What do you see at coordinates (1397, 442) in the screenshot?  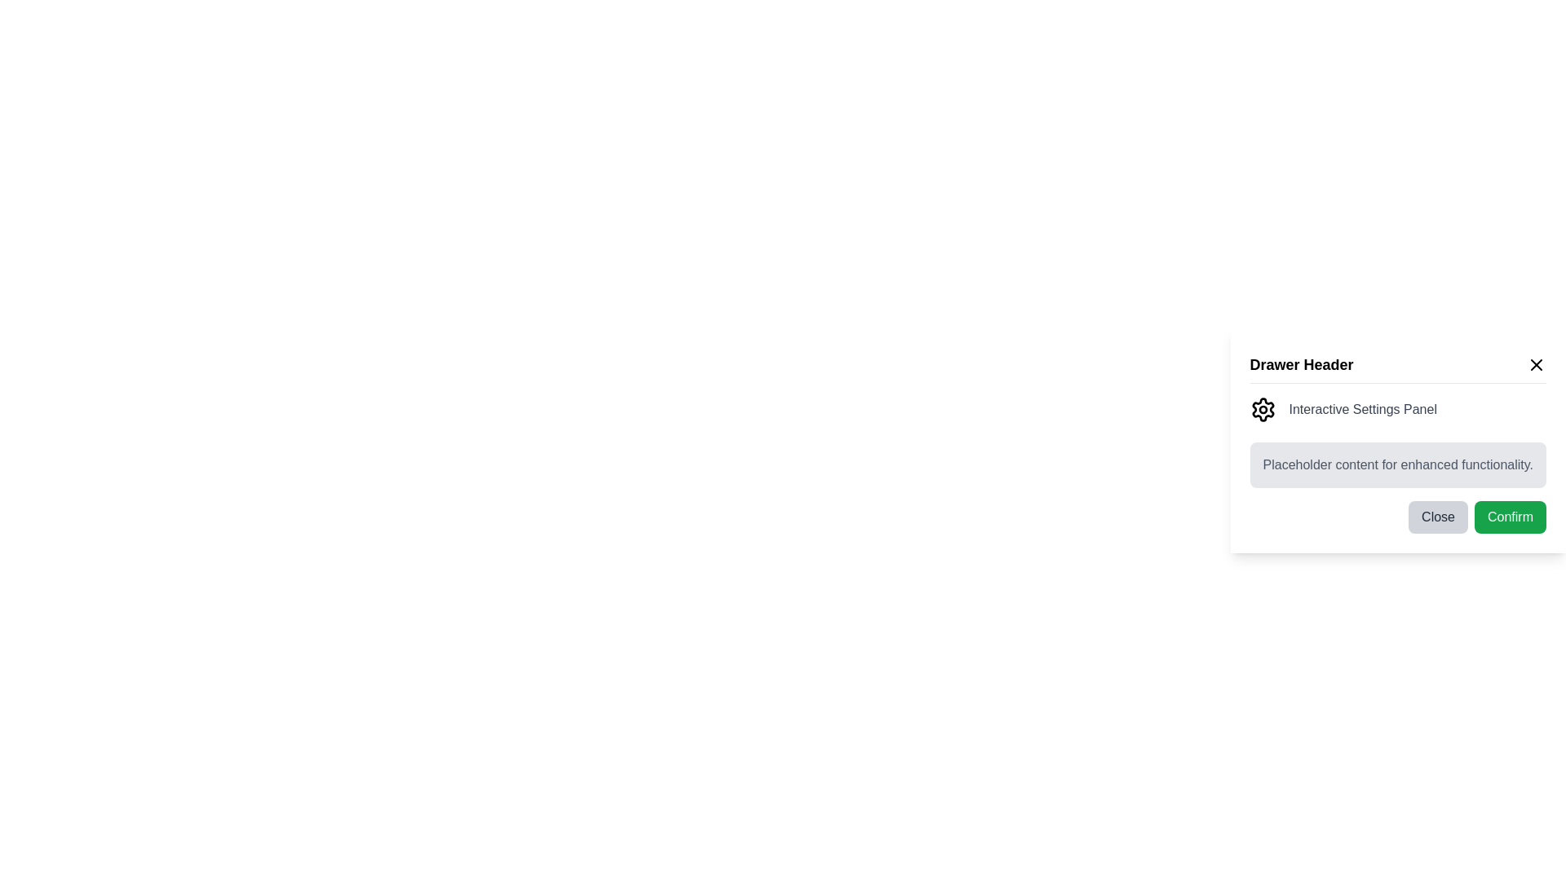 I see `the informational or settings section within the 'Drawer Header' that is located below its title and above the 'Close' and 'Confirm' buttons` at bounding box center [1397, 442].